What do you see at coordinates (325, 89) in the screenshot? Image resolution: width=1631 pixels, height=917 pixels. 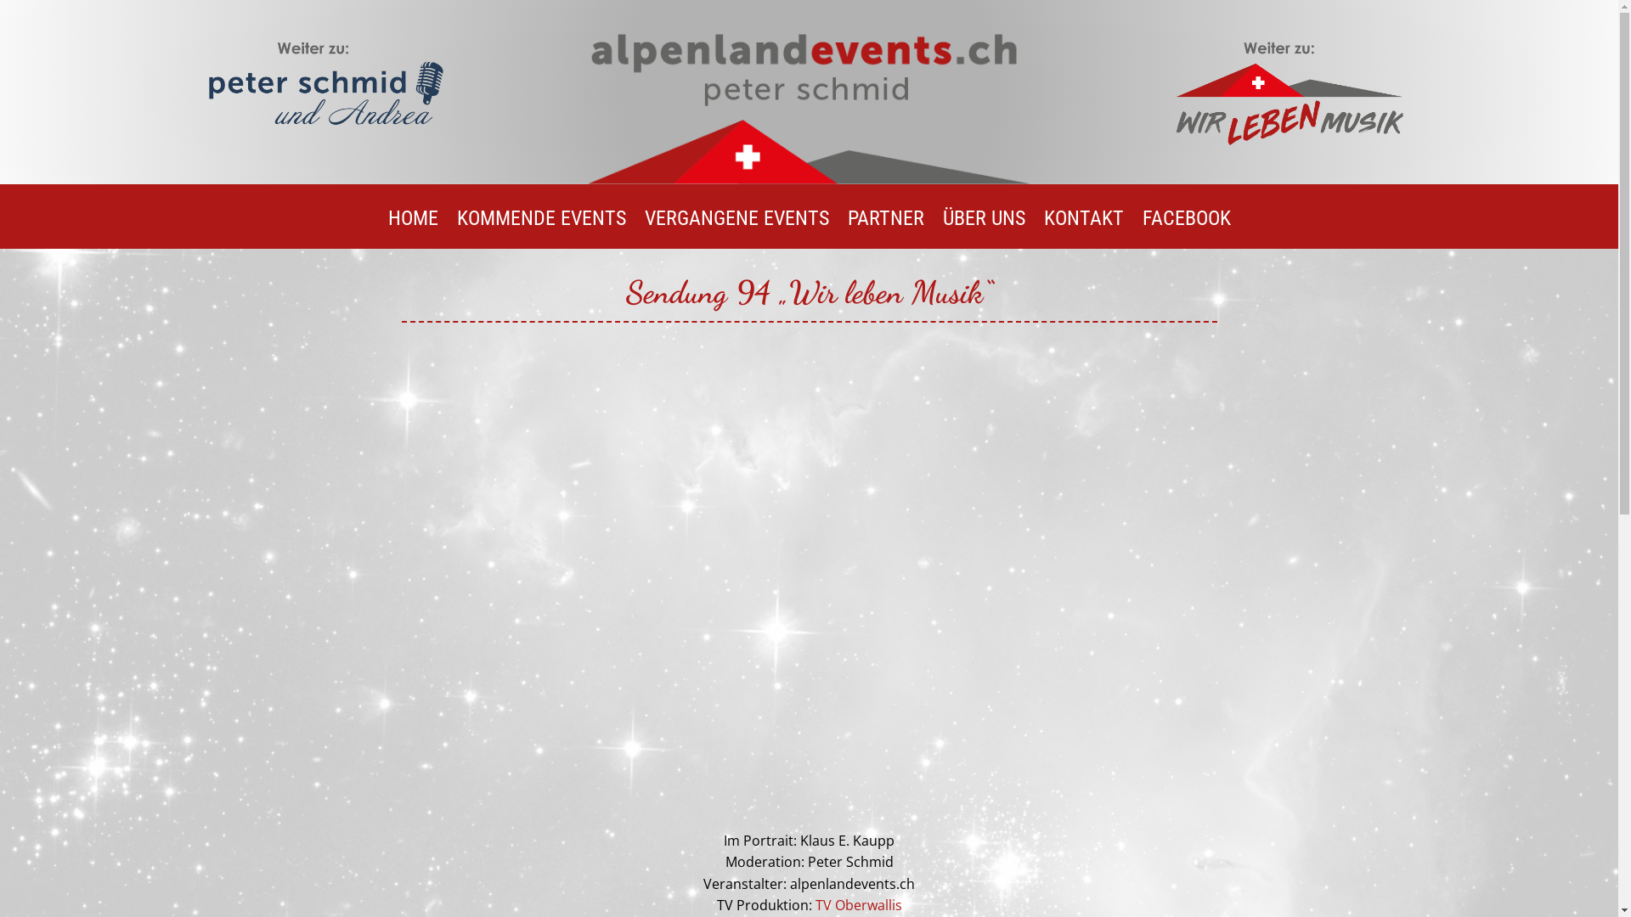 I see `'Peter Schmid & Andrea_weiter zu'` at bounding box center [325, 89].